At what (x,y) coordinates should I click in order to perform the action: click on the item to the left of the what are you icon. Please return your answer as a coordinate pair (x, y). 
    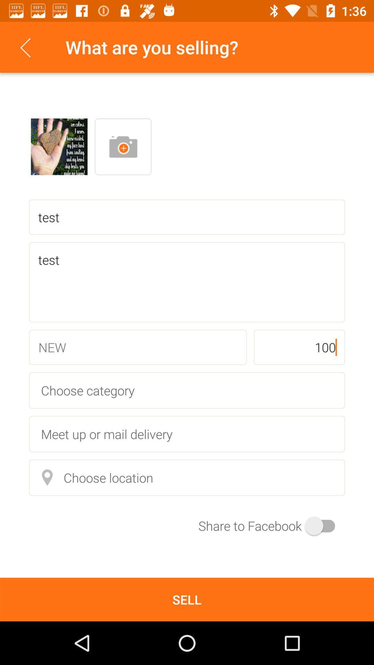
    Looking at the image, I should click on (25, 47).